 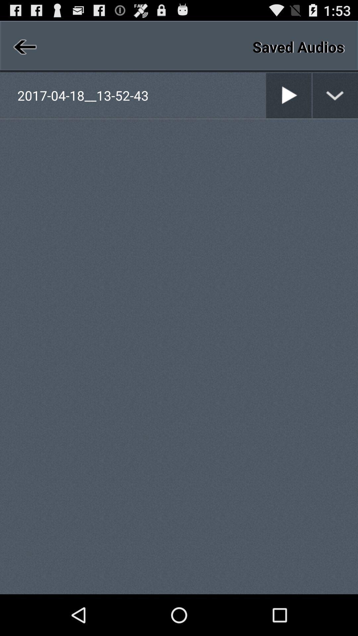 I want to click on 2017 04 18__13 icon, so click(x=141, y=95).